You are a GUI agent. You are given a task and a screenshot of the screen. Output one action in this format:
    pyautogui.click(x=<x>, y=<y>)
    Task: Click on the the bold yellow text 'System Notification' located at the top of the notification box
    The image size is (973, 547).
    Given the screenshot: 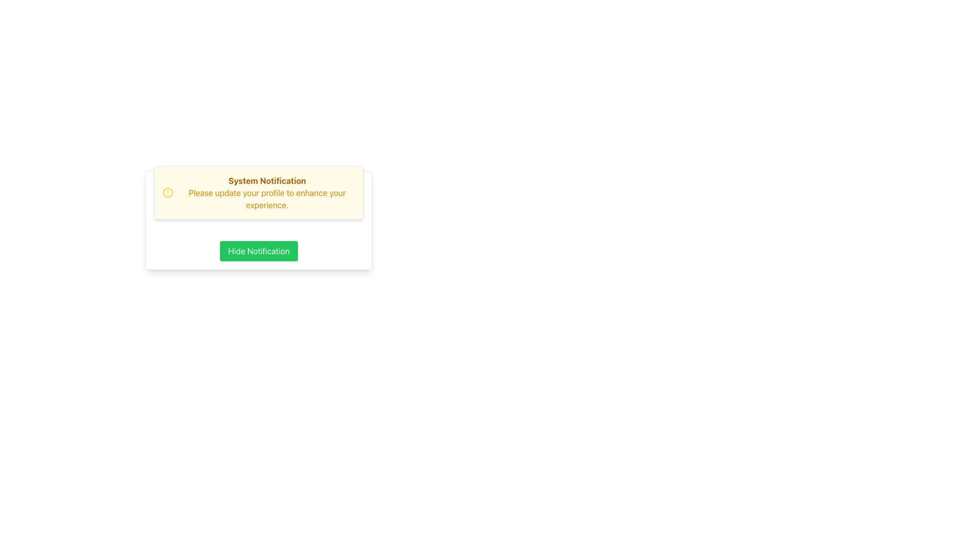 What is the action you would take?
    pyautogui.click(x=267, y=191)
    